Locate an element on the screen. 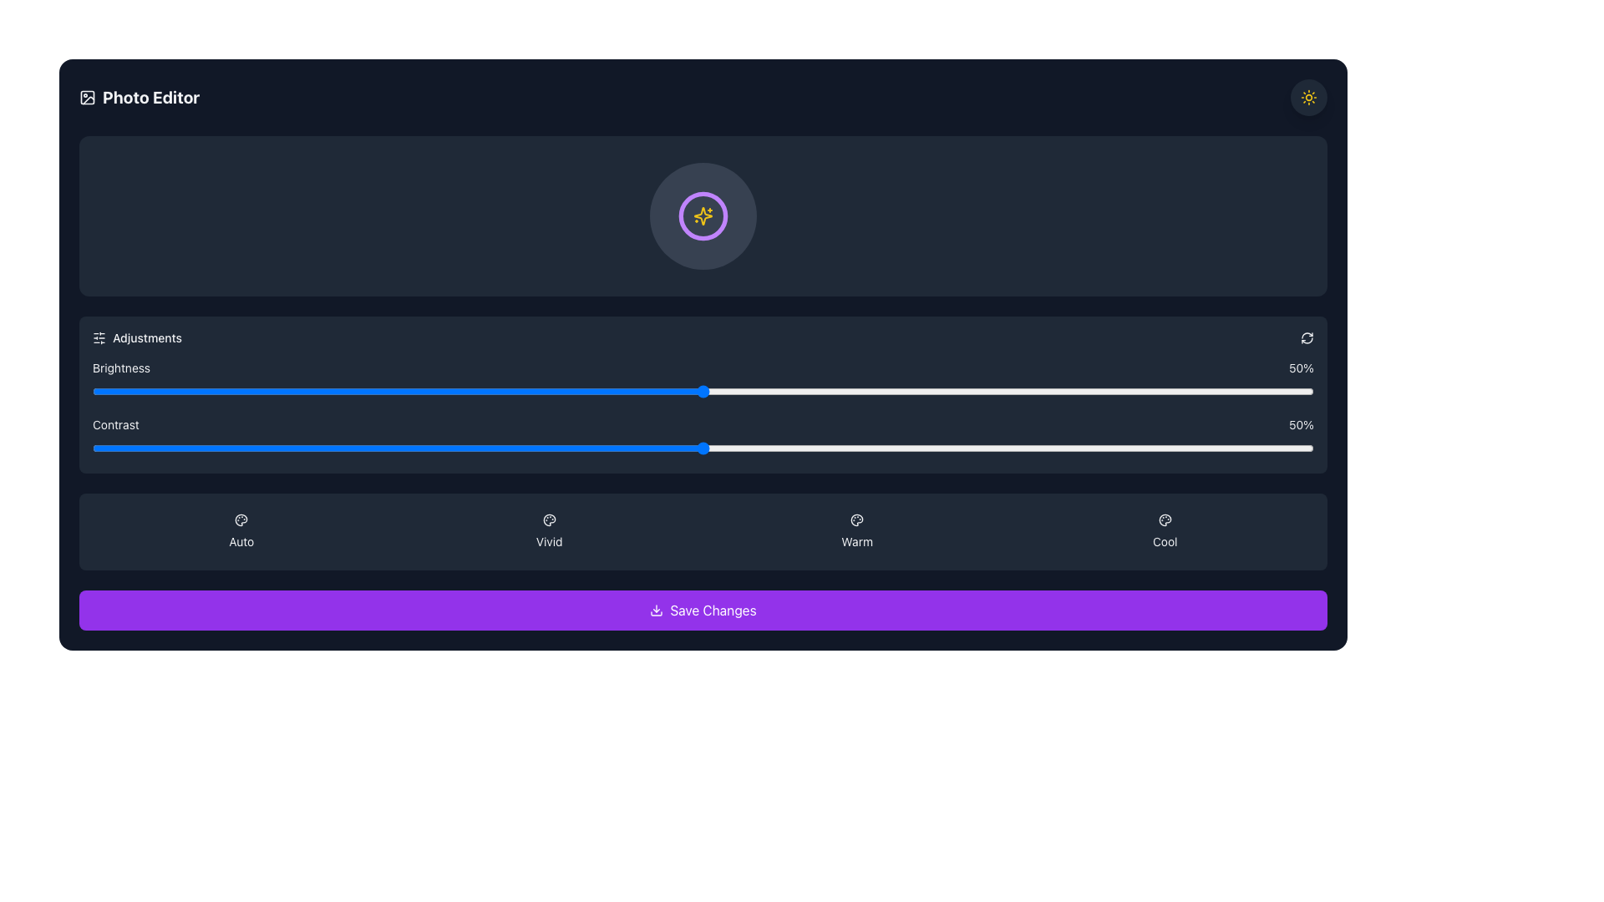 The height and width of the screenshot is (902, 1604). contrast is located at coordinates (238, 447).